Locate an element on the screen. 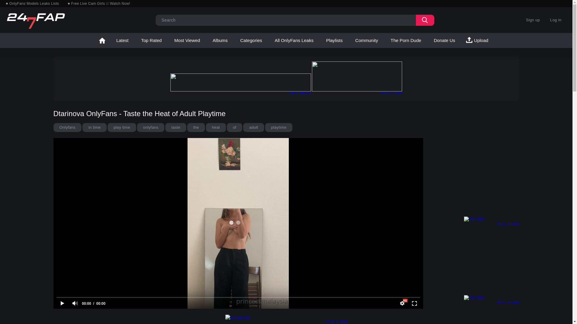 This screenshot has width=577, height=324. 'play time' is located at coordinates (121, 127).